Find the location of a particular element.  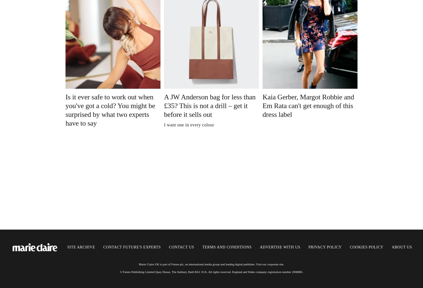

'I want one in every colour' is located at coordinates (189, 124).